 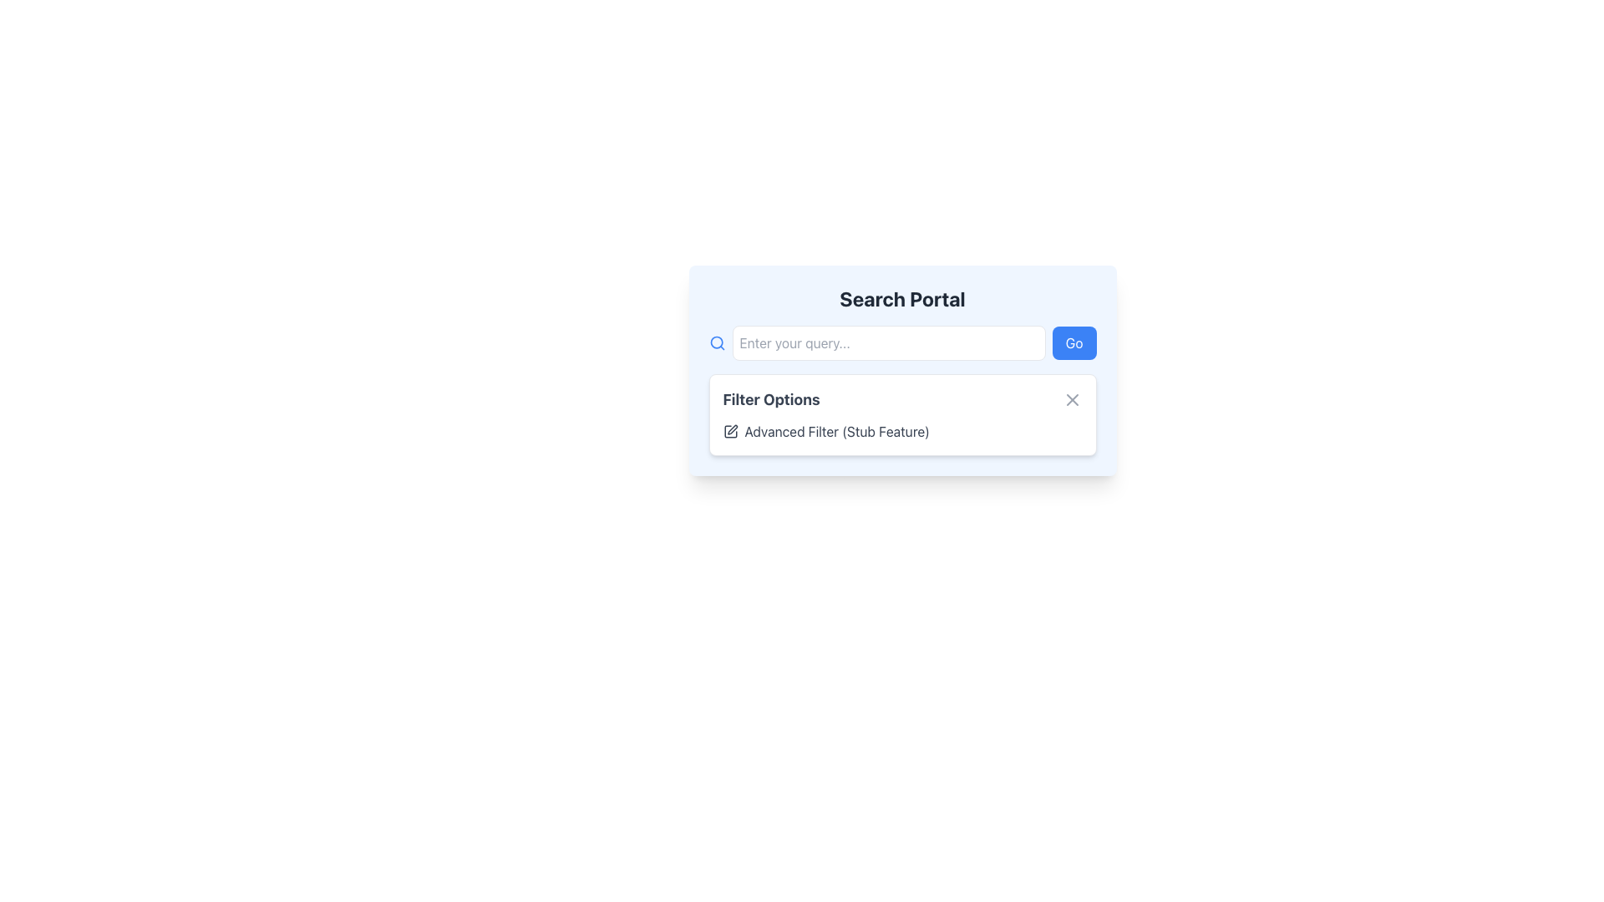 What do you see at coordinates (730, 430) in the screenshot?
I see `the editing icon for the 'Advanced Filter (Stub Feature)' located beside its label in the 'Filter Options' section` at bounding box center [730, 430].